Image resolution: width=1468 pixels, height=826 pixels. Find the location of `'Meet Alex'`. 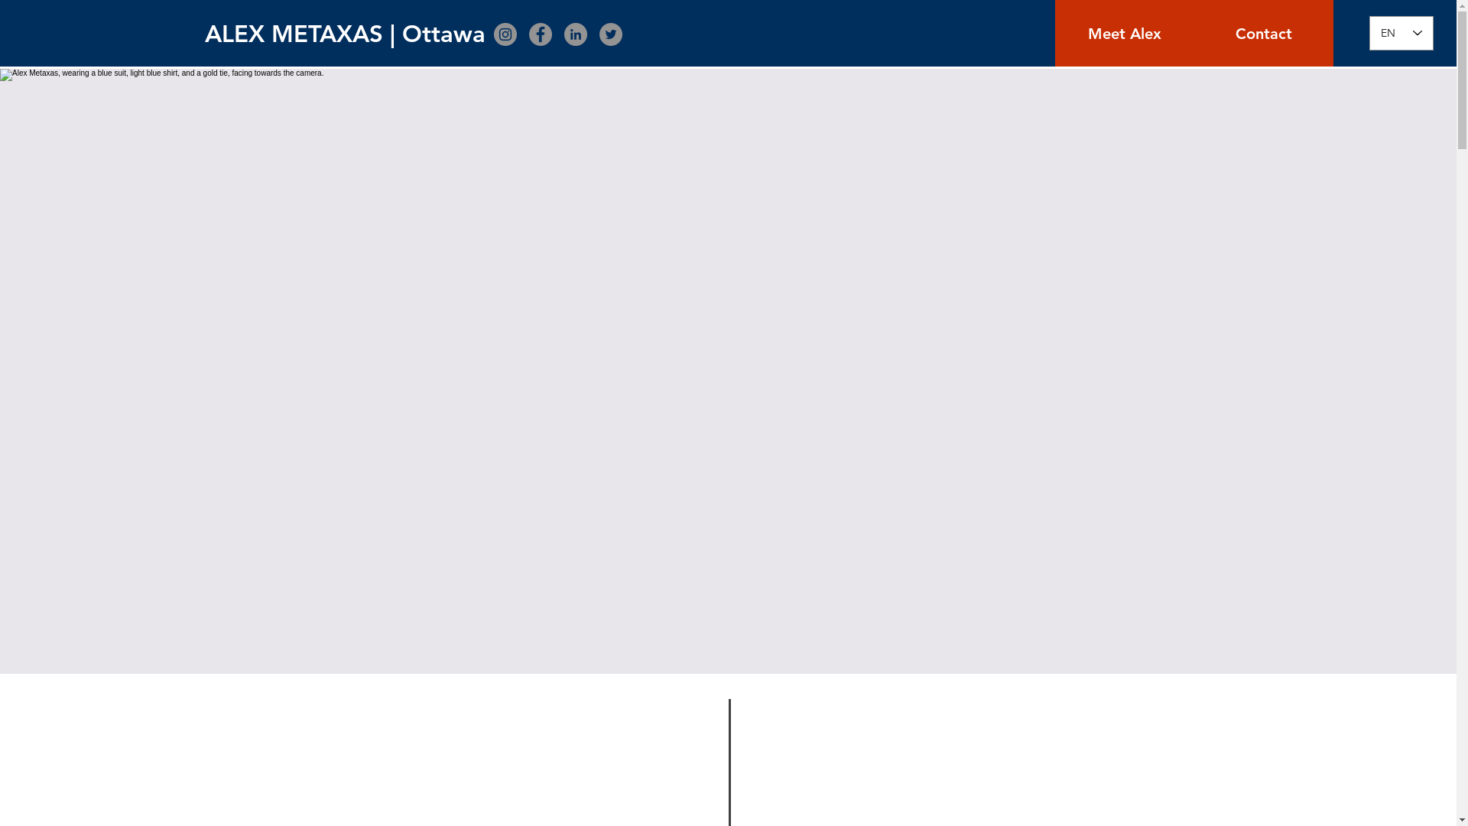

'Meet Alex' is located at coordinates (1124, 33).